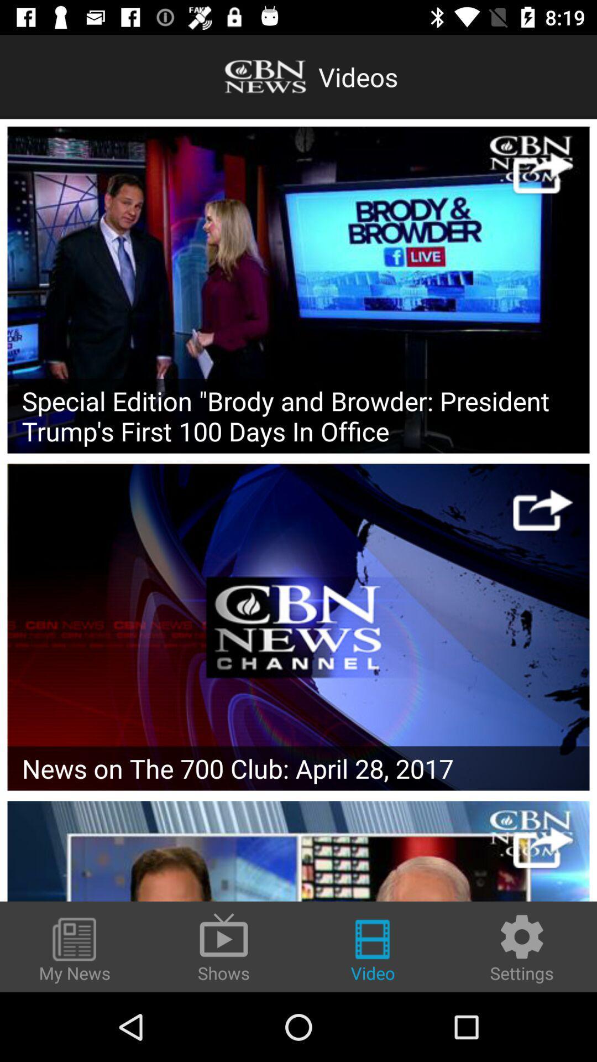 This screenshot has width=597, height=1062. Describe the element at coordinates (298, 627) in the screenshot. I see `channel` at that location.